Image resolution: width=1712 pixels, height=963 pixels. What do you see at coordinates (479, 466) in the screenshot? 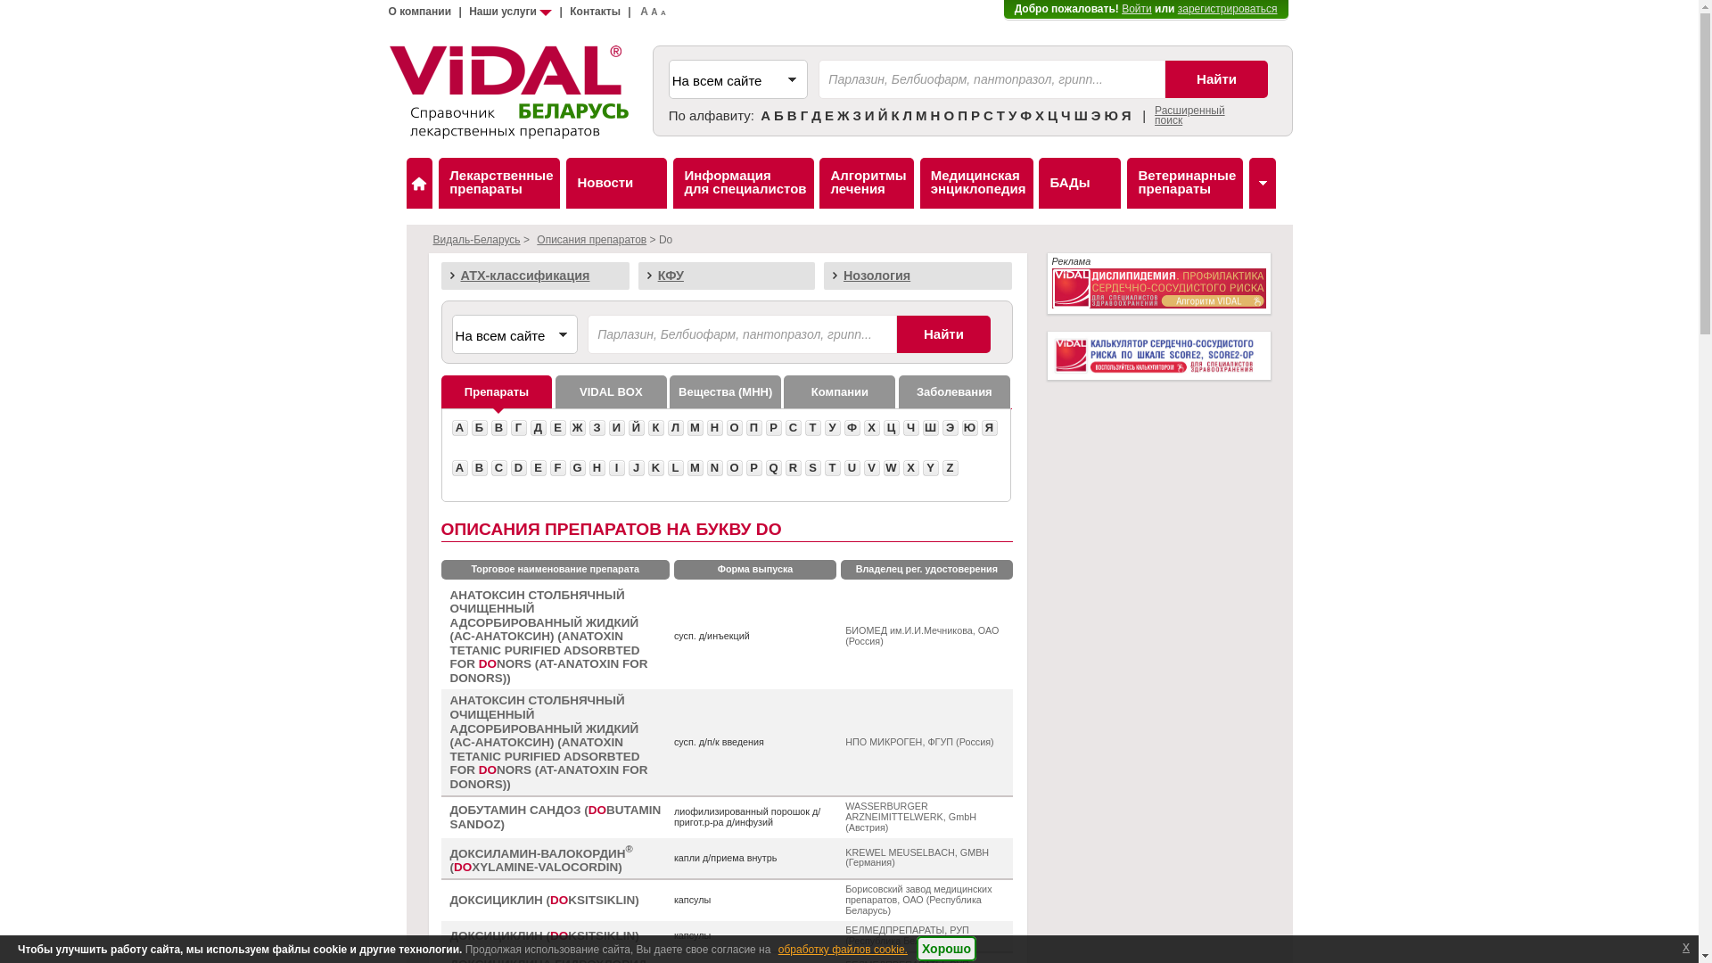
I see `'B'` at bounding box center [479, 466].